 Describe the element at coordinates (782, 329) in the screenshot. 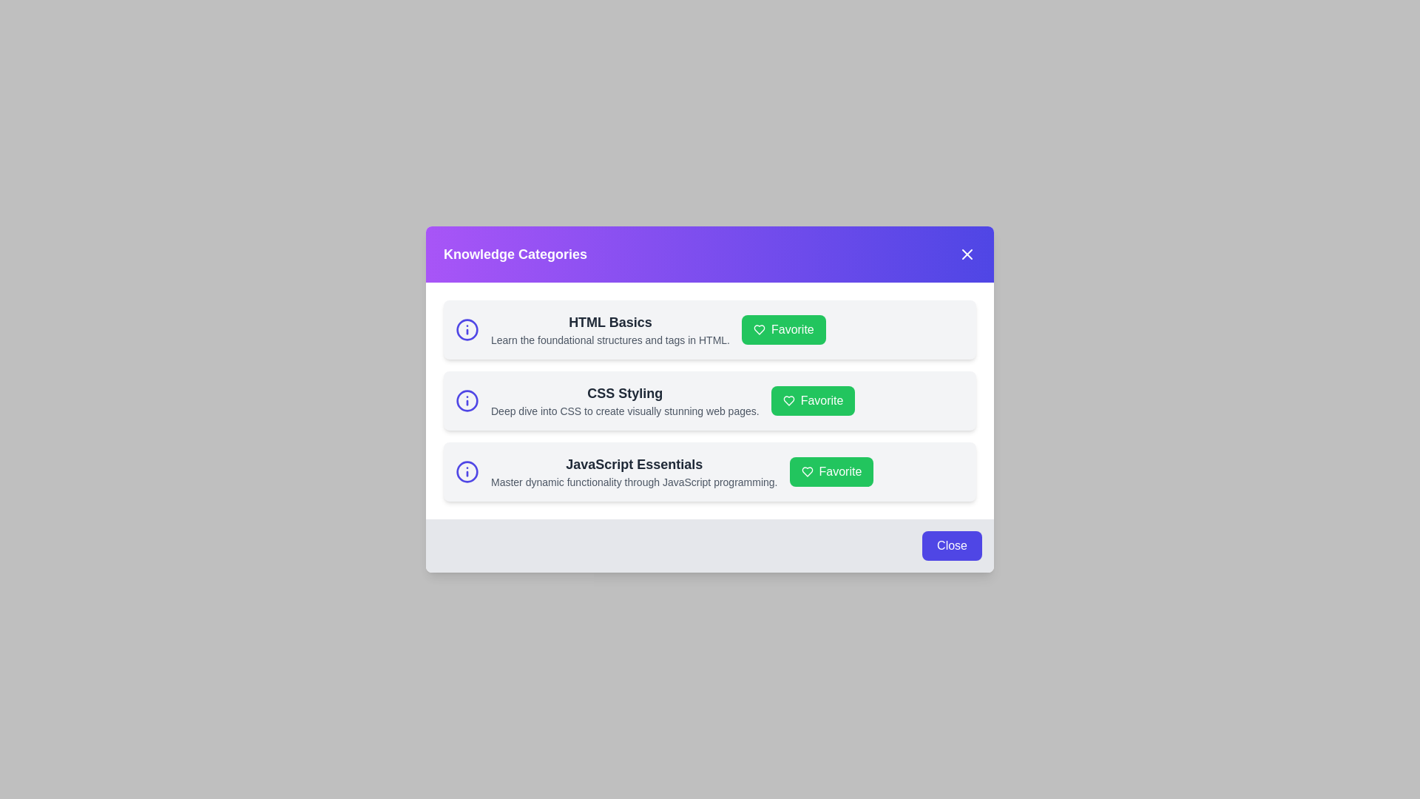

I see `the button located to the right of the 'HTML Basics' text` at that location.